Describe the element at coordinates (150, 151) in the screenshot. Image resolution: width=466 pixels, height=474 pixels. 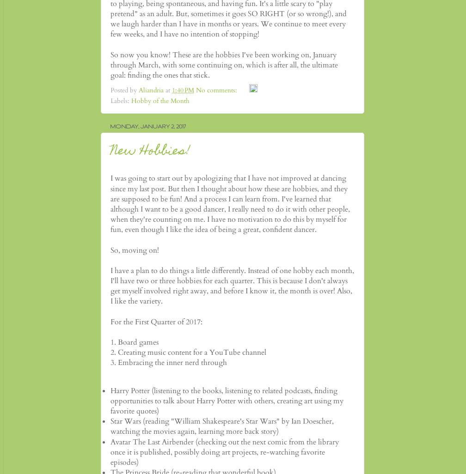
I see `'New Hobbies!'` at that location.